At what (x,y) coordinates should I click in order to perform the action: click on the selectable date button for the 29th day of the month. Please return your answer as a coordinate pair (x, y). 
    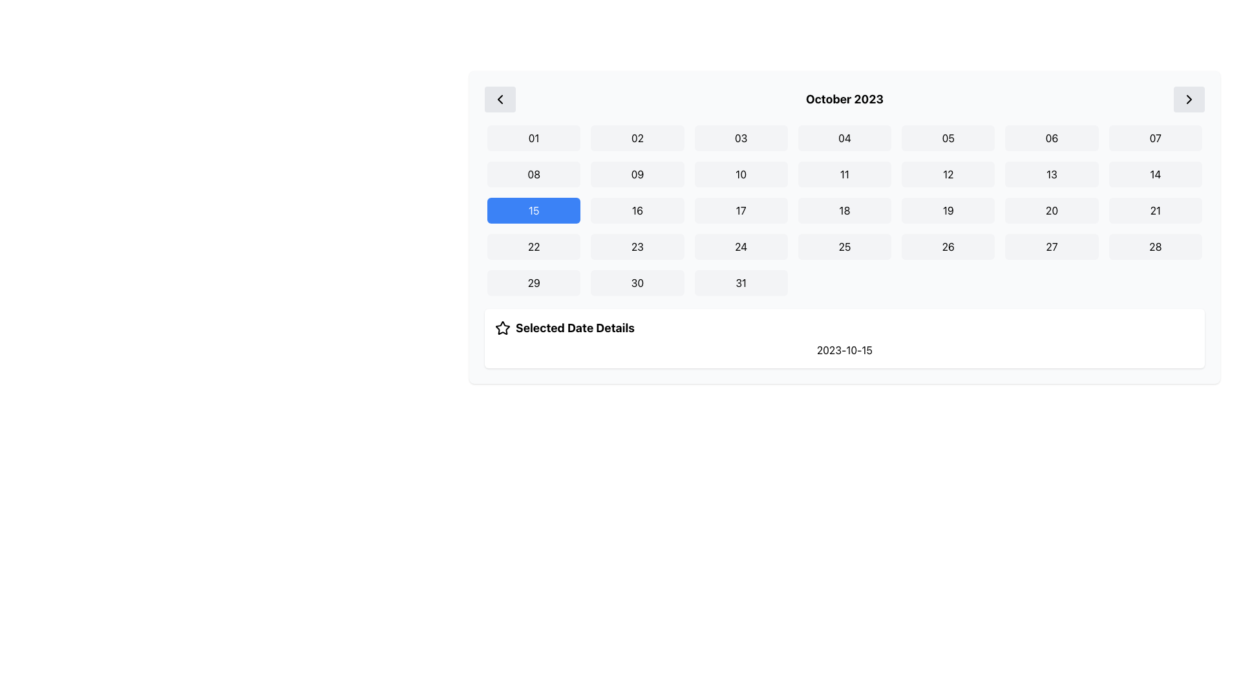
    Looking at the image, I should click on (534, 282).